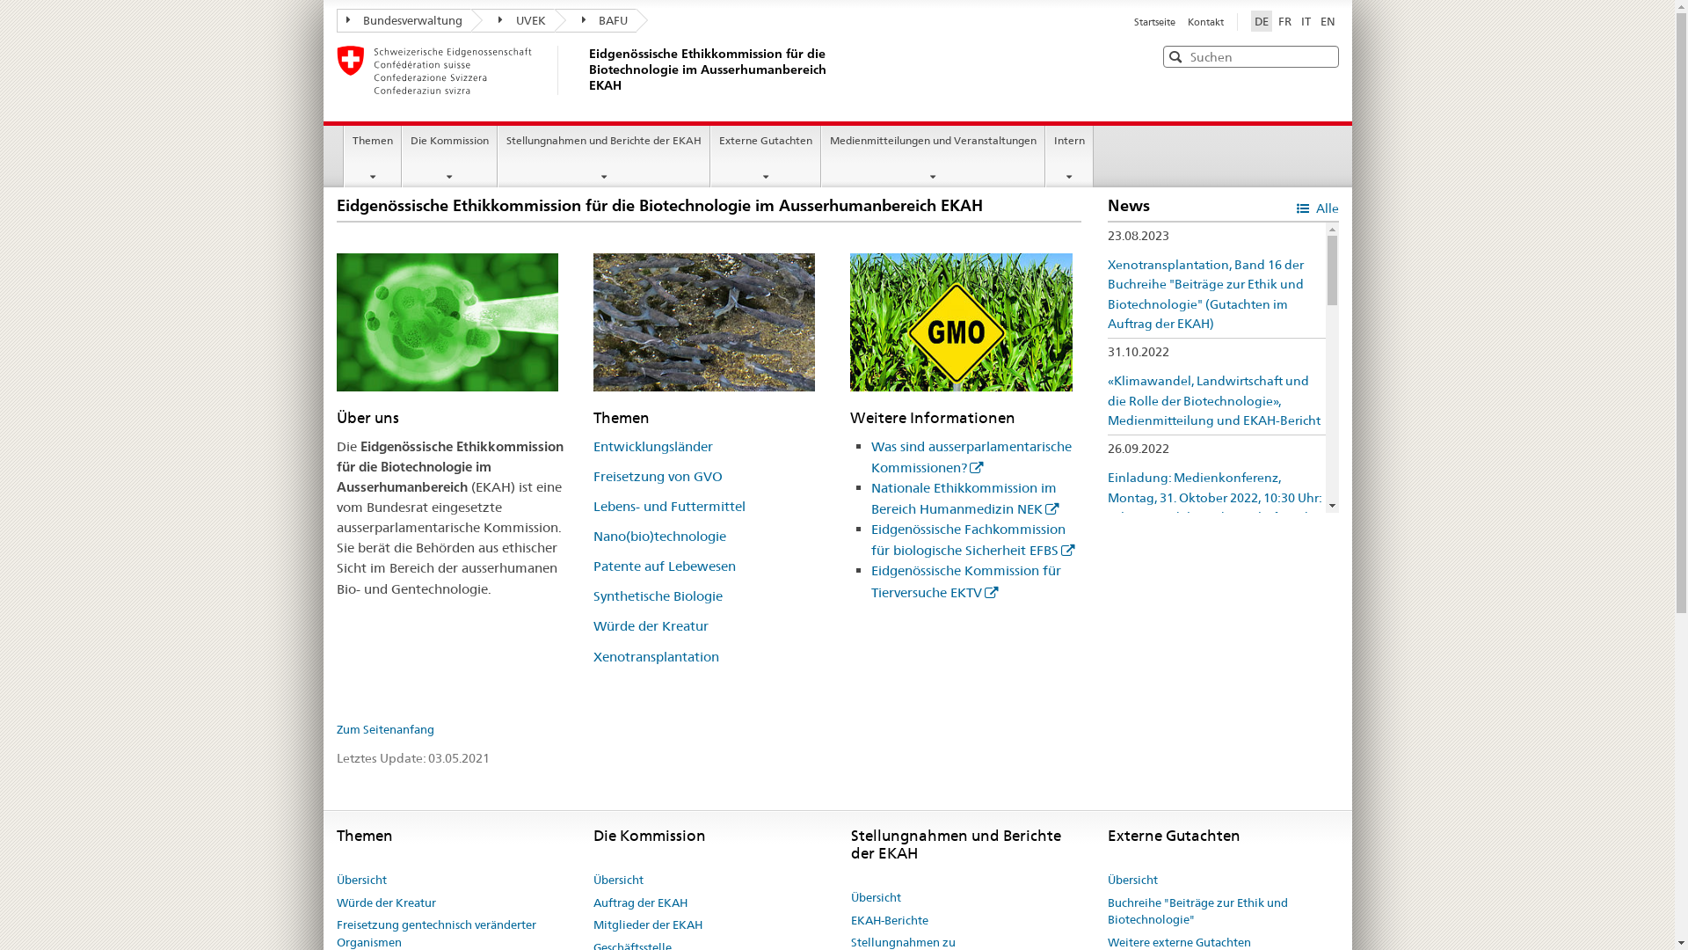  What do you see at coordinates (1260, 20) in the screenshot?
I see `'DE'` at bounding box center [1260, 20].